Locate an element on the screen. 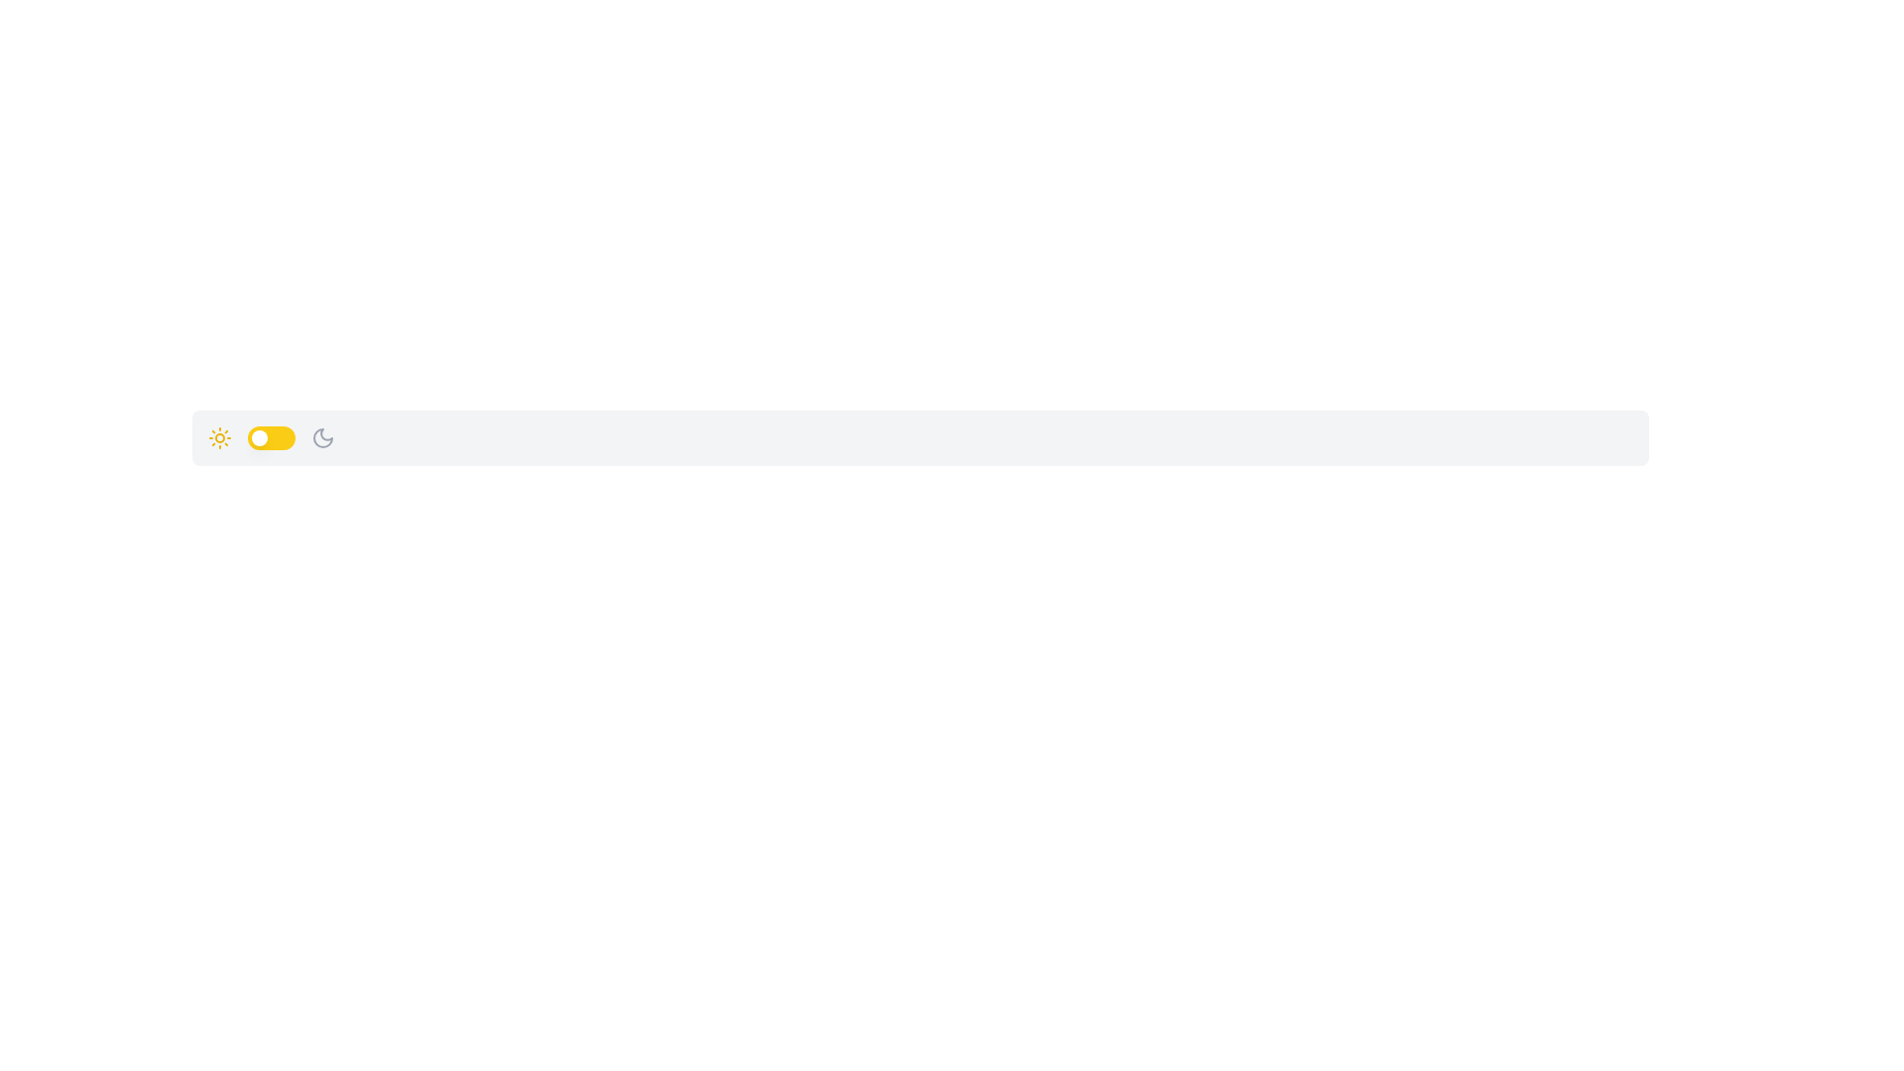 The height and width of the screenshot is (1071, 1904). the moon icon that signifies a connection to a night or dark mode feature, located at the far right of the control row is located at coordinates (323, 437).